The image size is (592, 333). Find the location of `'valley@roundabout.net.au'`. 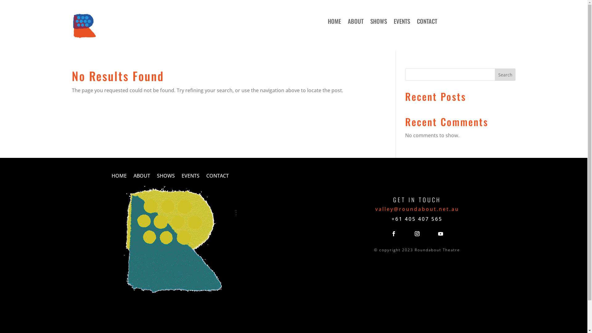

'valley@roundabout.net.au' is located at coordinates (417, 209).